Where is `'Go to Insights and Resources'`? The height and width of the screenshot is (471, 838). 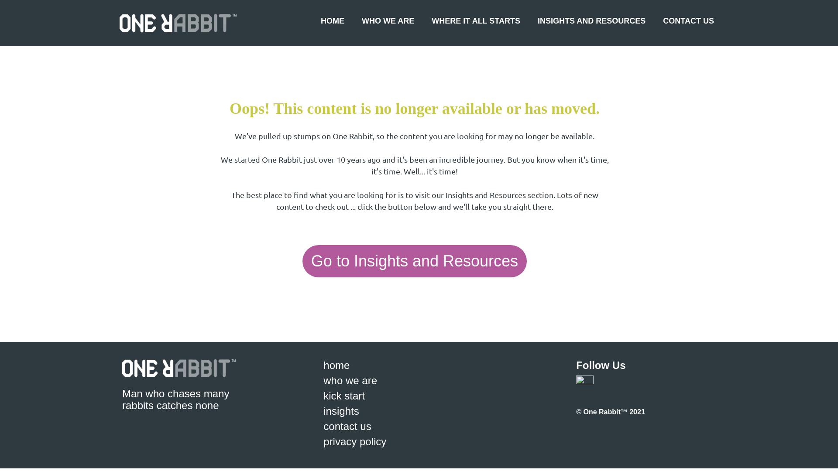 'Go to Insights and Resources' is located at coordinates (414, 260).